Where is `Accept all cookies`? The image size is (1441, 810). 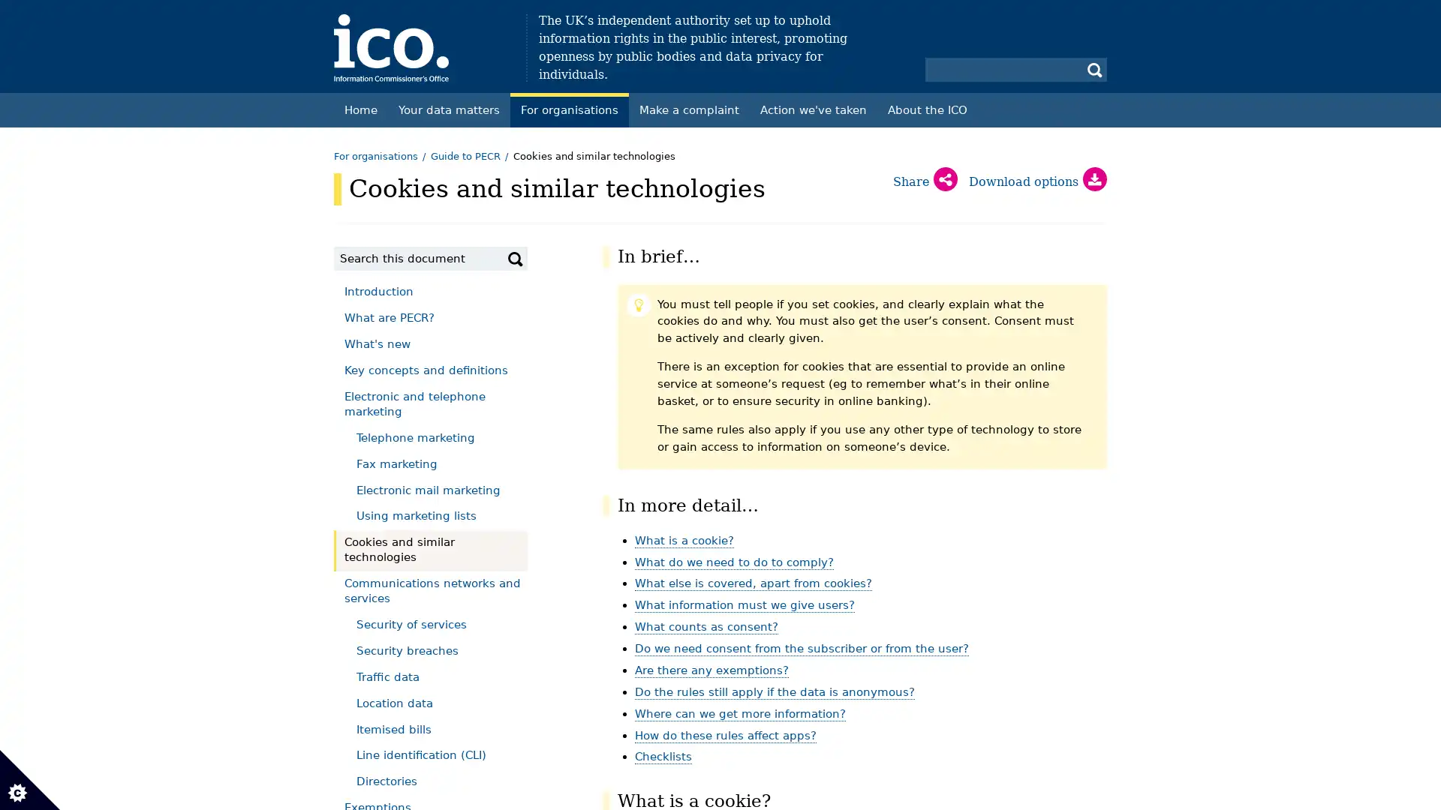
Accept all cookies is located at coordinates (98, 195).